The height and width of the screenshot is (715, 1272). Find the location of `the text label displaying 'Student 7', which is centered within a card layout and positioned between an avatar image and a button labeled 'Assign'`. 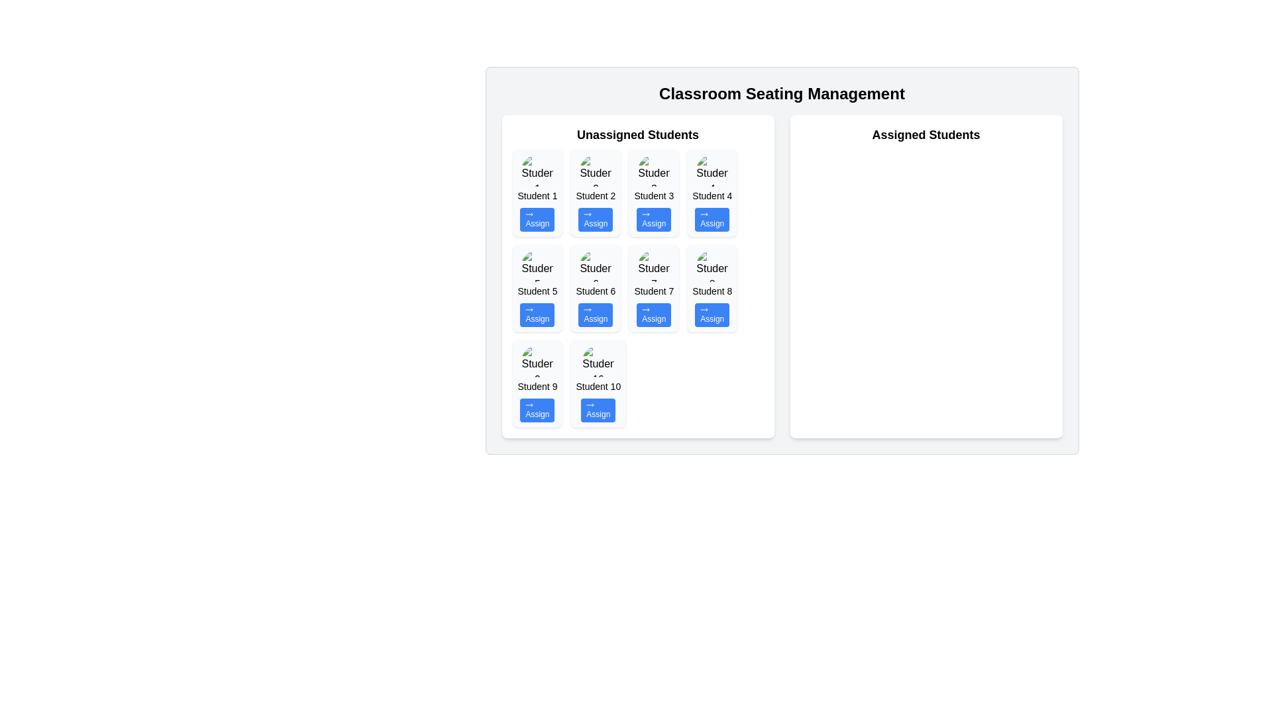

the text label displaying 'Student 7', which is centered within a card layout and positioned between an avatar image and a button labeled 'Assign' is located at coordinates (654, 290).